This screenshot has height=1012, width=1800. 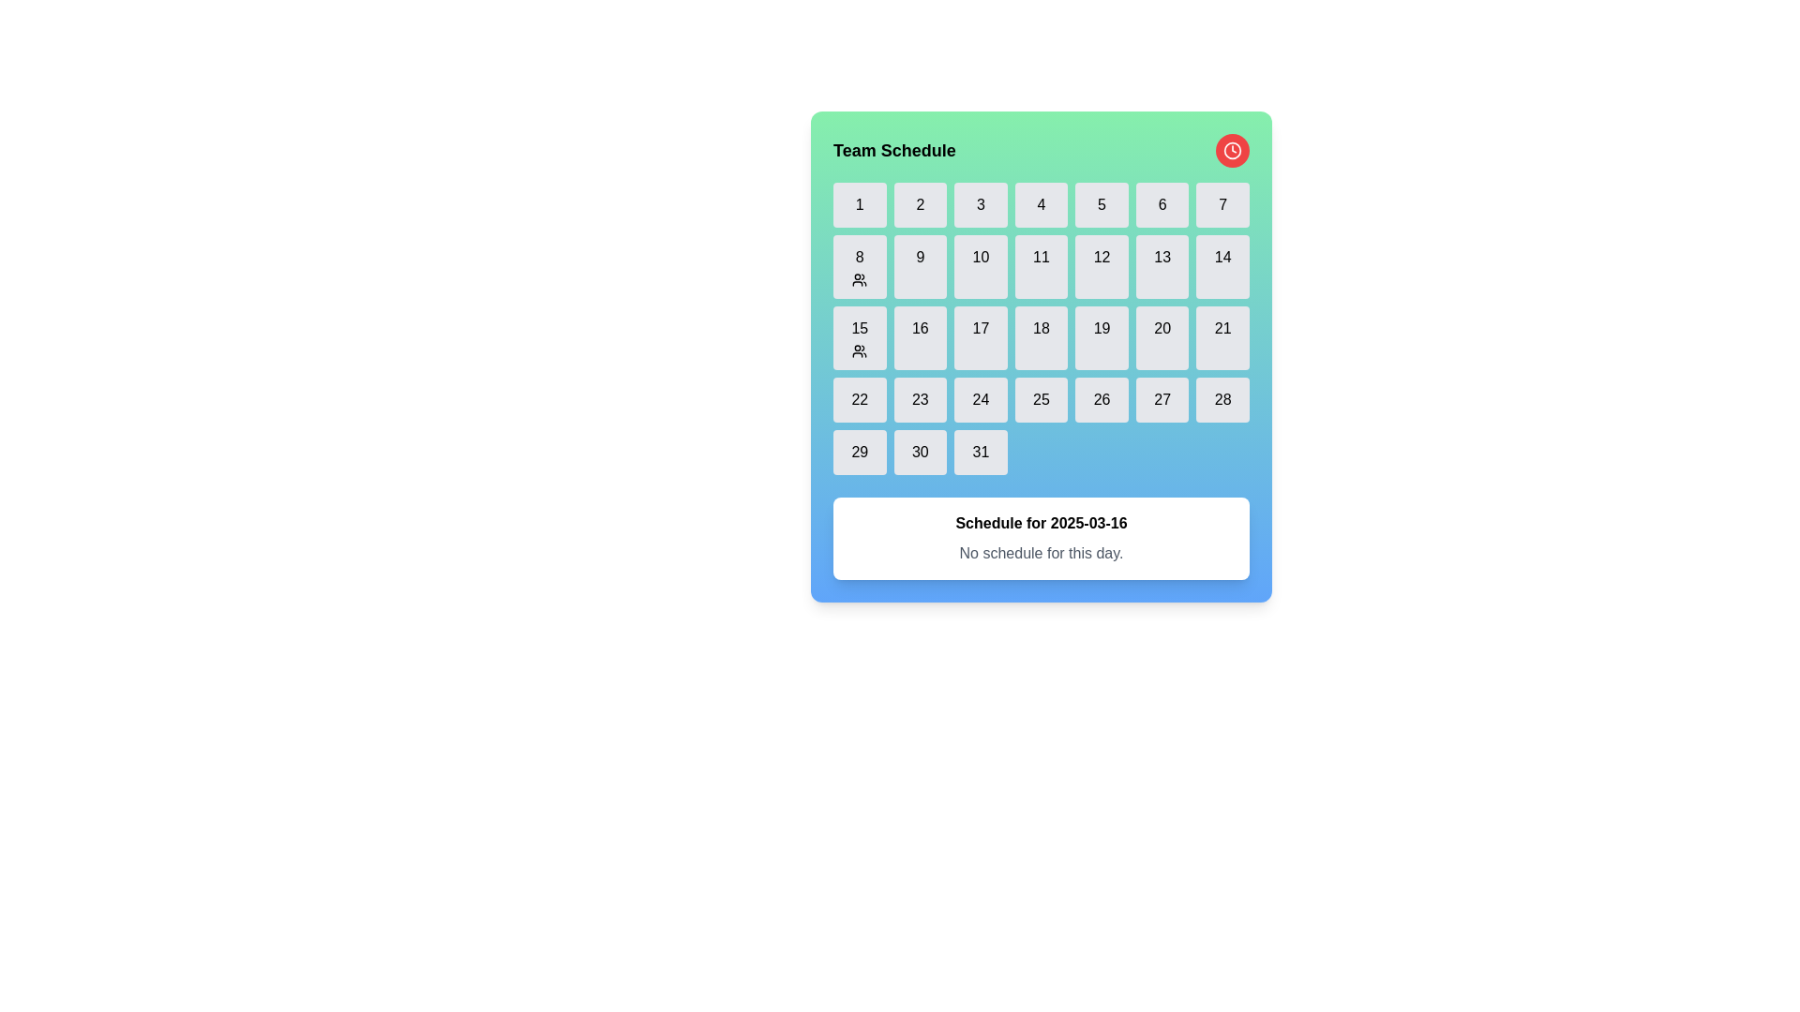 What do you see at coordinates (920, 338) in the screenshot?
I see `the Calendar day button displaying the number '16' in the 'Team Schedule' section` at bounding box center [920, 338].